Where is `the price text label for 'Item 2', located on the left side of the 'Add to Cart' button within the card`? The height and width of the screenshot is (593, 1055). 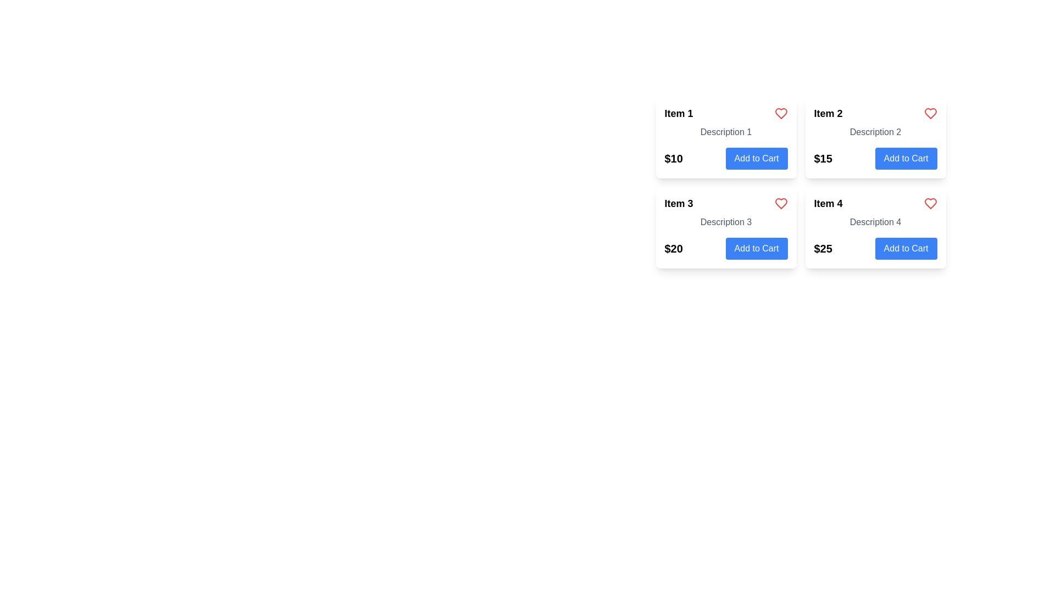
the price text label for 'Item 2', located on the left side of the 'Add to Cart' button within the card is located at coordinates (823, 159).